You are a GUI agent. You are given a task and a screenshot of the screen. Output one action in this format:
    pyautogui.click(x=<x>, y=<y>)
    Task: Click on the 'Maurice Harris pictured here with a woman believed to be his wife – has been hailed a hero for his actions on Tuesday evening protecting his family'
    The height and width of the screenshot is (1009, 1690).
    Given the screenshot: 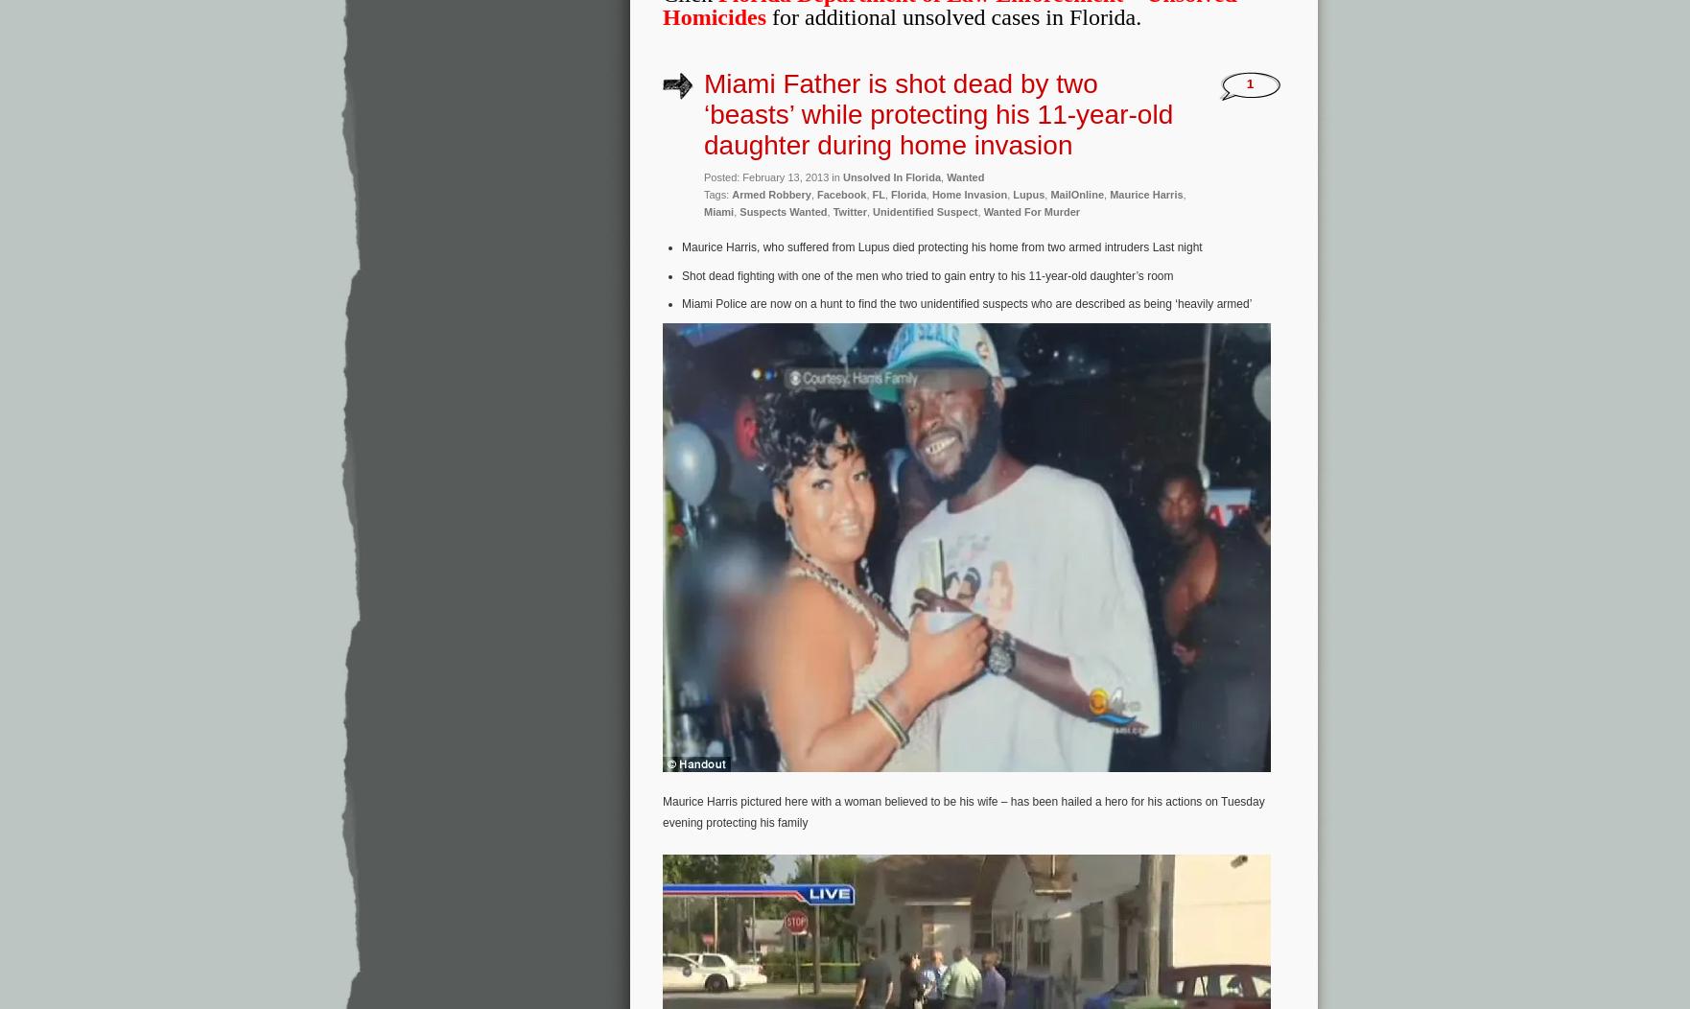 What is the action you would take?
    pyautogui.click(x=963, y=810)
    